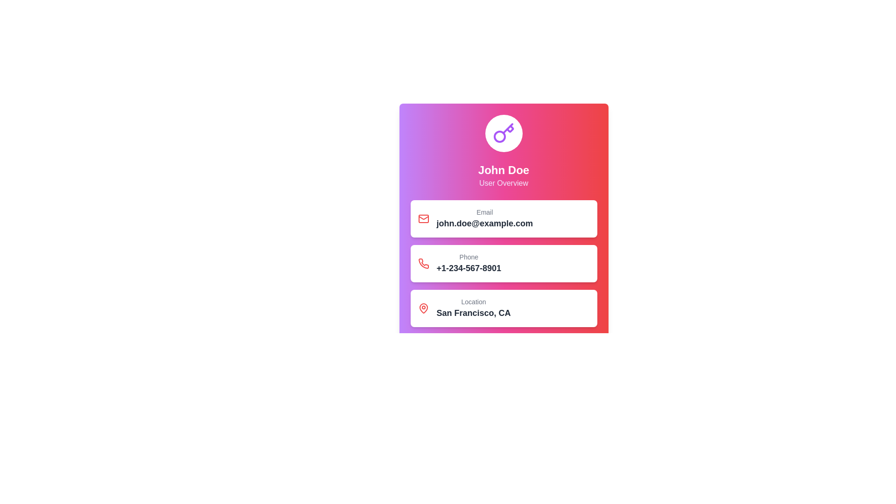  I want to click on the Information card displaying the location 'San Francisco, CA', so click(503, 308).